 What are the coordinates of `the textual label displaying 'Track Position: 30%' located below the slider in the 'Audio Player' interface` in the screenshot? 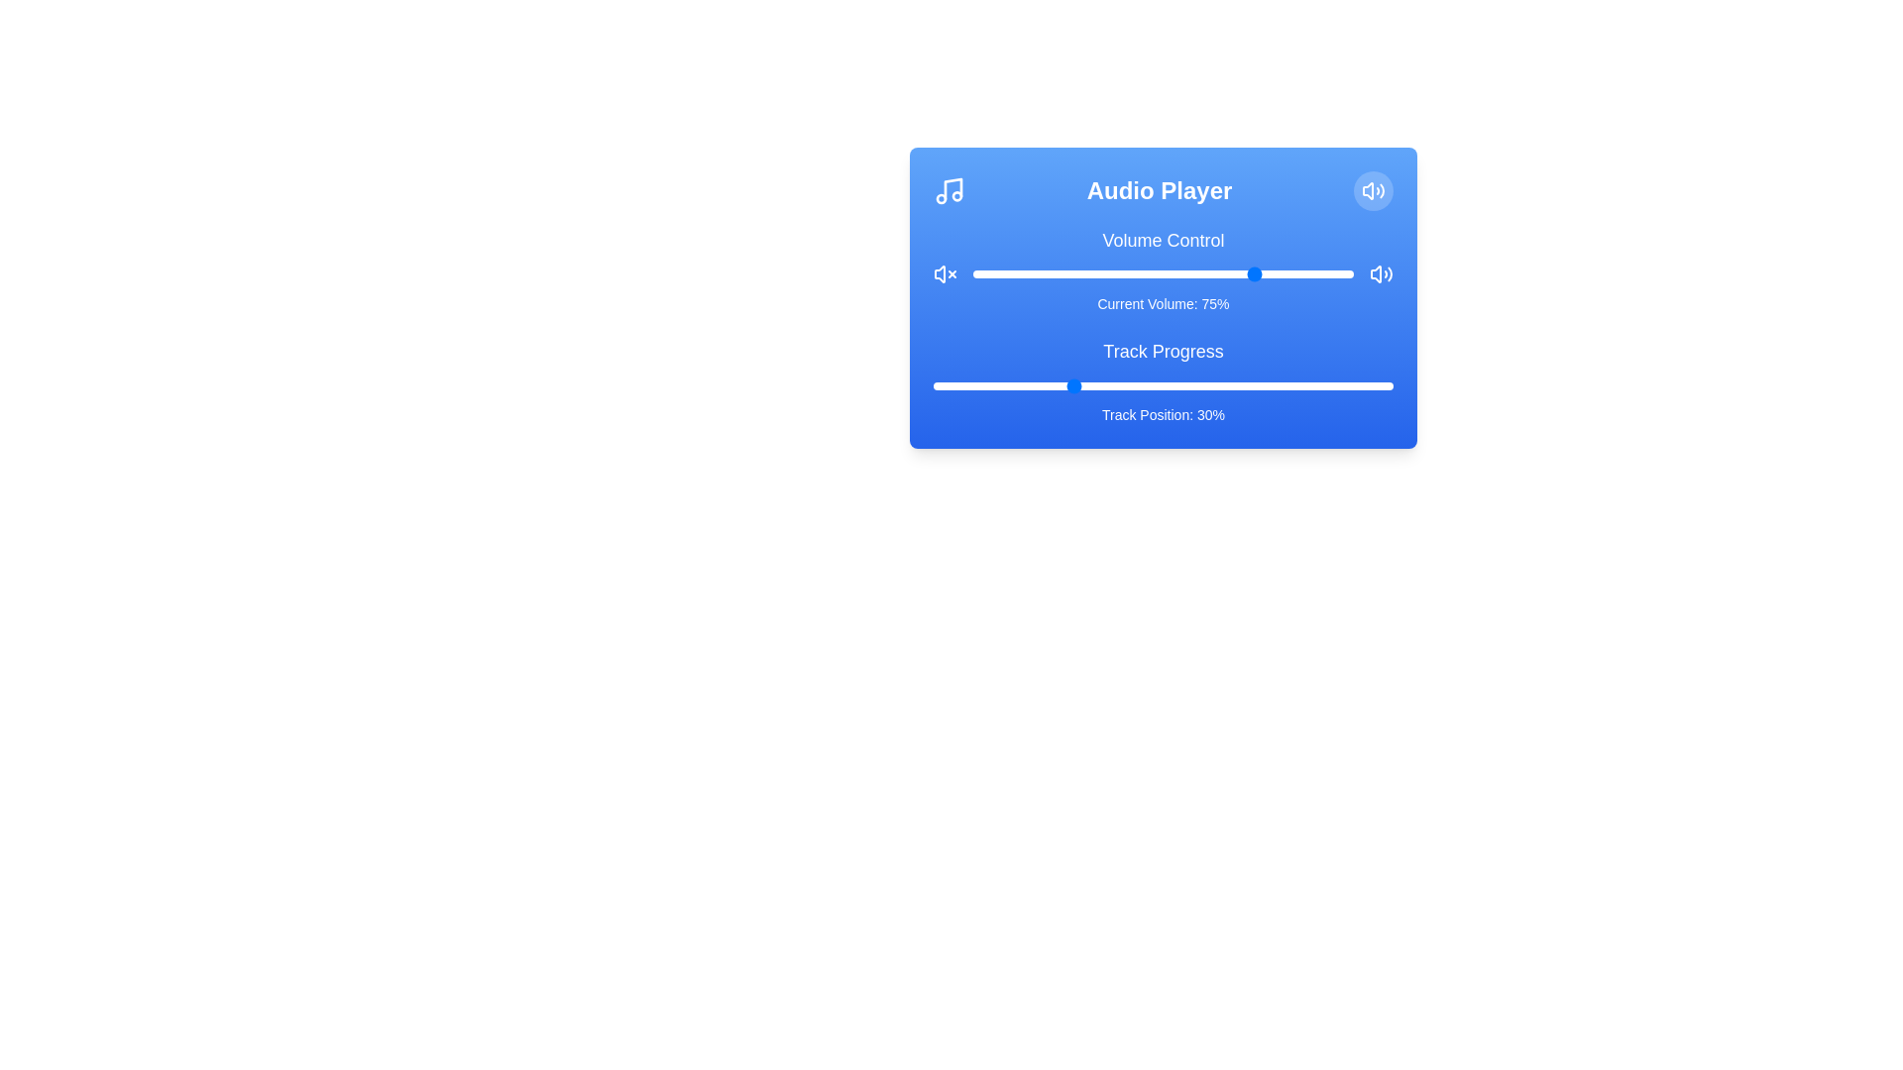 It's located at (1164, 414).